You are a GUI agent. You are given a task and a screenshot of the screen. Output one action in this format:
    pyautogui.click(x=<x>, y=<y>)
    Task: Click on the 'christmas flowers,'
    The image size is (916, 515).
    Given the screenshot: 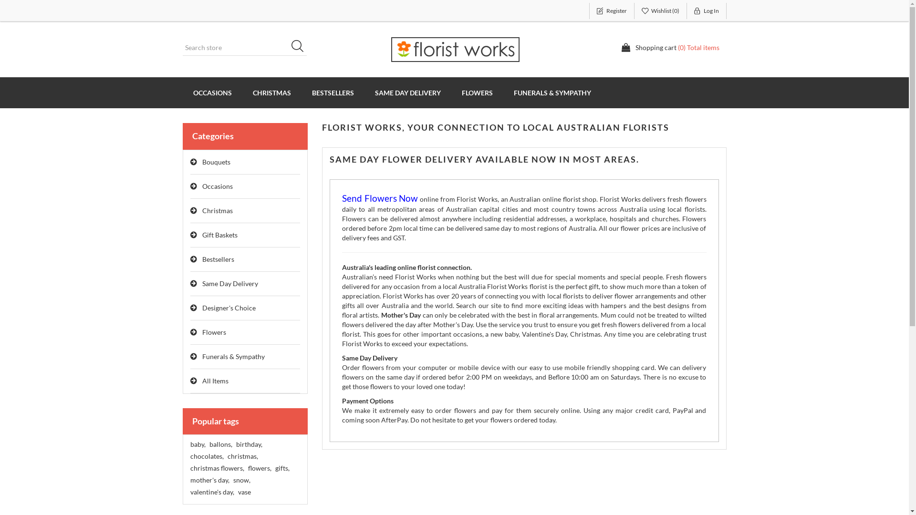 What is the action you would take?
    pyautogui.click(x=216, y=468)
    